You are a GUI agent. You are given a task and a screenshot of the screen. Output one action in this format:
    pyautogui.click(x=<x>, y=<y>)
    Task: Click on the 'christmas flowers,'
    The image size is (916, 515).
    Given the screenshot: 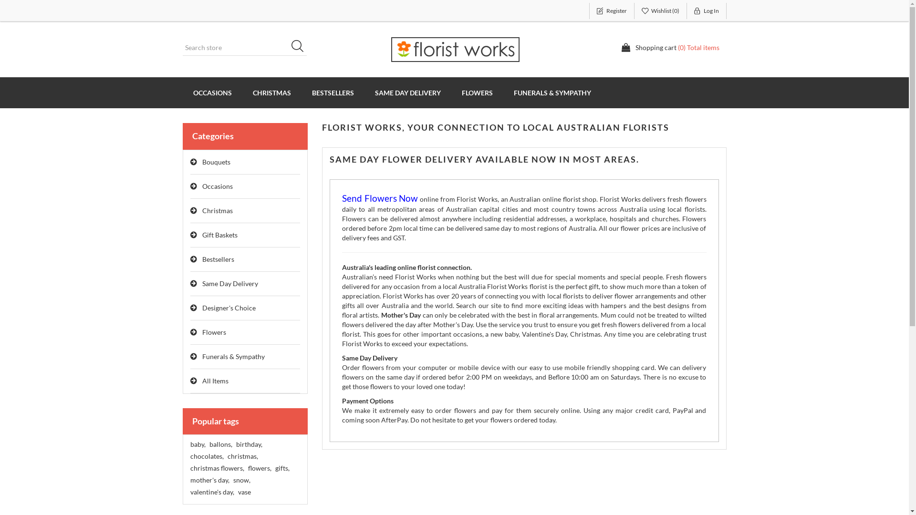 What is the action you would take?
    pyautogui.click(x=216, y=468)
    